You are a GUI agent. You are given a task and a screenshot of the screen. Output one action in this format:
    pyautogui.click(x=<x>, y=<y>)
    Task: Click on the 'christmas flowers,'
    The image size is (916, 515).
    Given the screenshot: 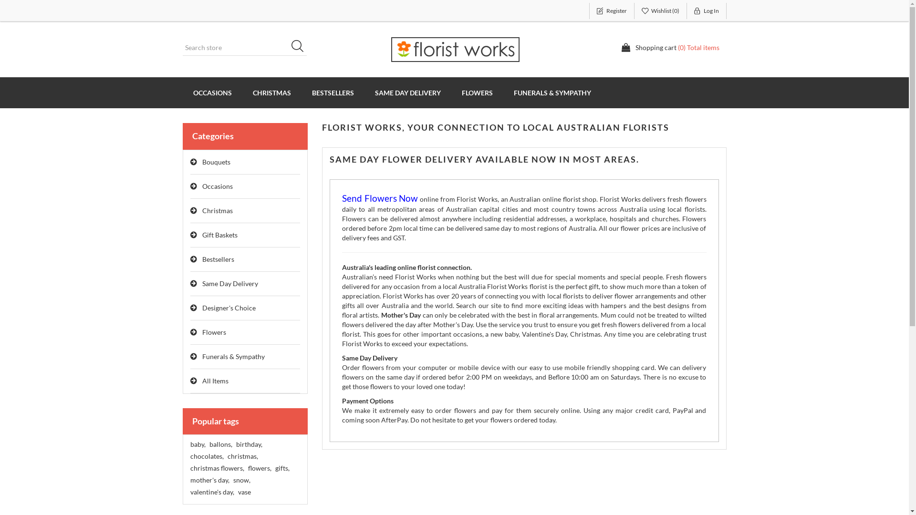 What is the action you would take?
    pyautogui.click(x=216, y=468)
    